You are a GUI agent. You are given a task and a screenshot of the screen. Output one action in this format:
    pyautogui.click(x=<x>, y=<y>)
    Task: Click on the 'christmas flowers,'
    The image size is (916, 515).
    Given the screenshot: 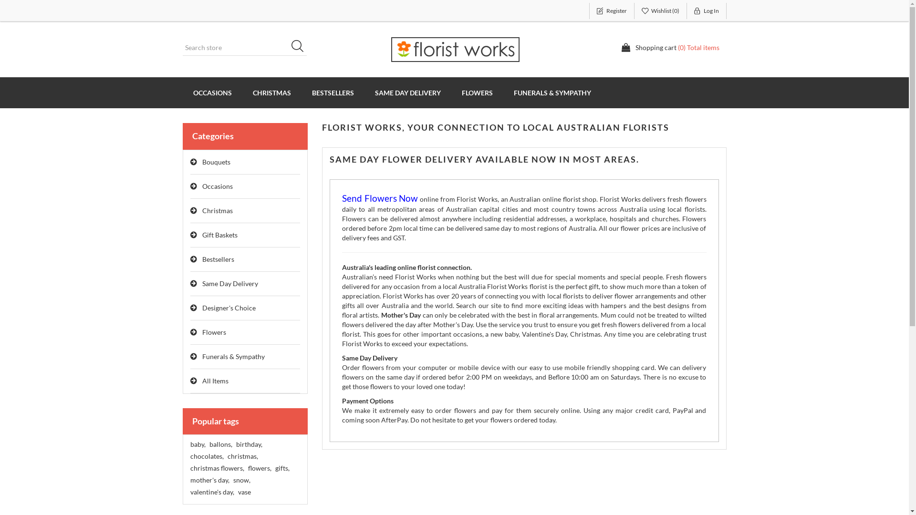 What is the action you would take?
    pyautogui.click(x=216, y=468)
    